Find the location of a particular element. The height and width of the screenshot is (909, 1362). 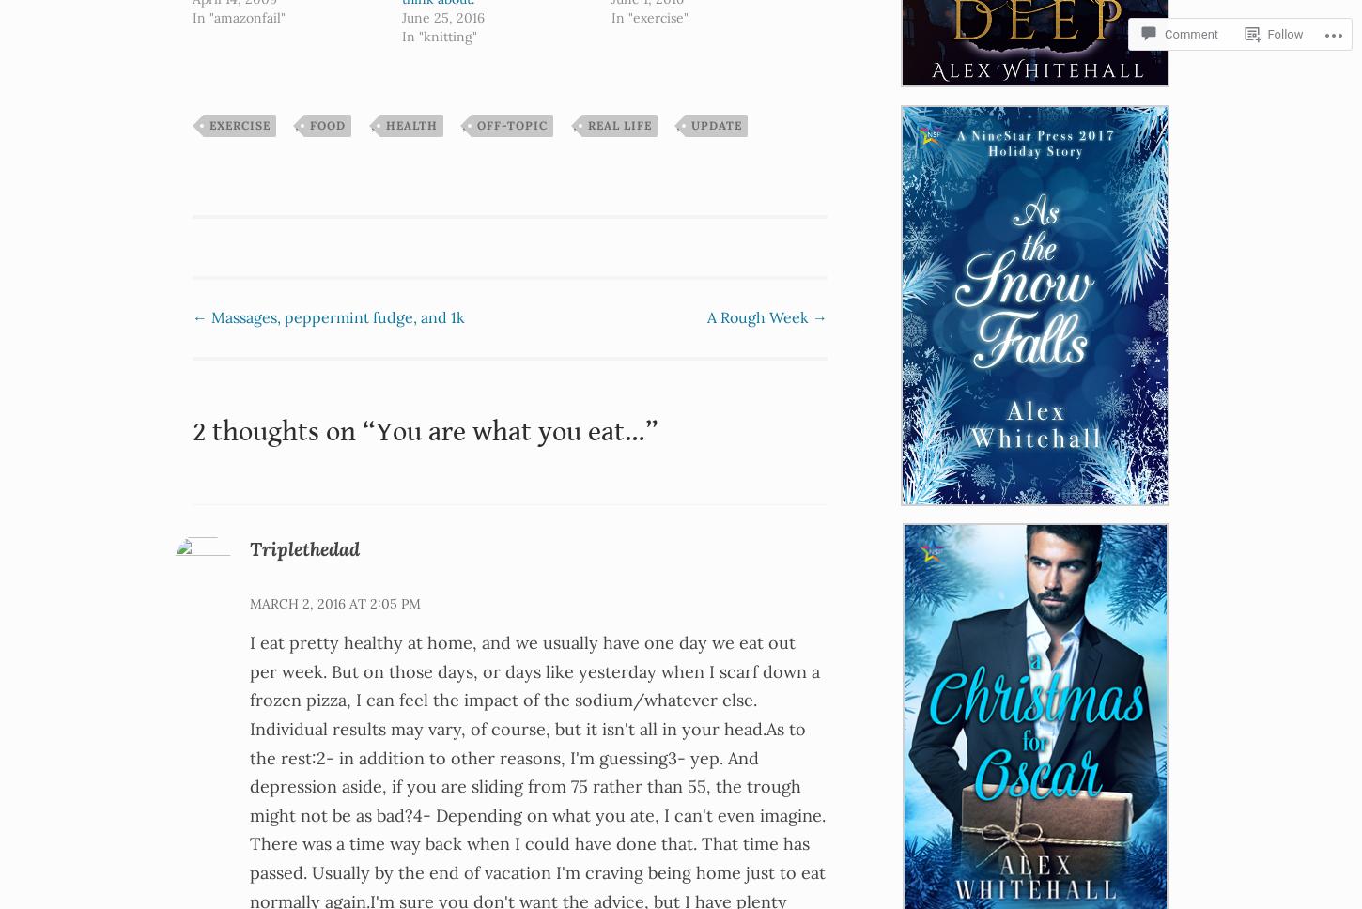

'March 2, 2016 at 2:05 pm' is located at coordinates (334, 603).